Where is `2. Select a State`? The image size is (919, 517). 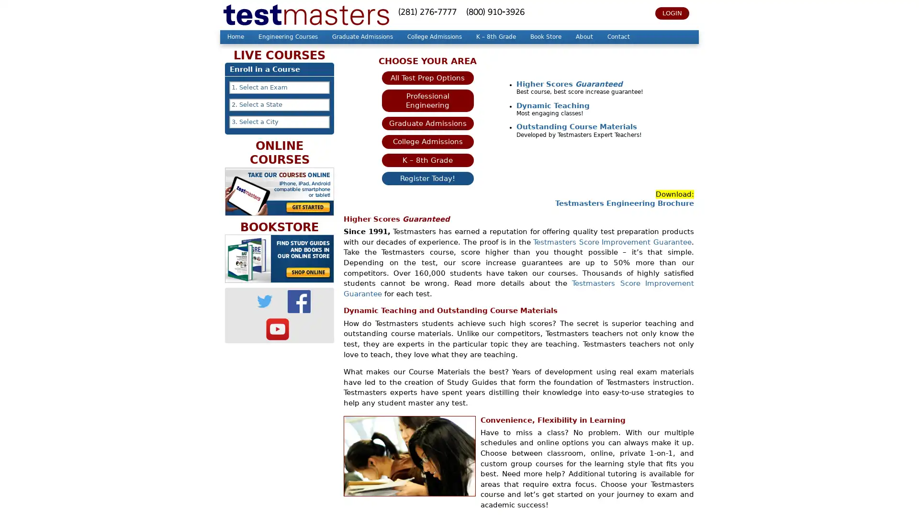
2. Select a State is located at coordinates (279, 105).